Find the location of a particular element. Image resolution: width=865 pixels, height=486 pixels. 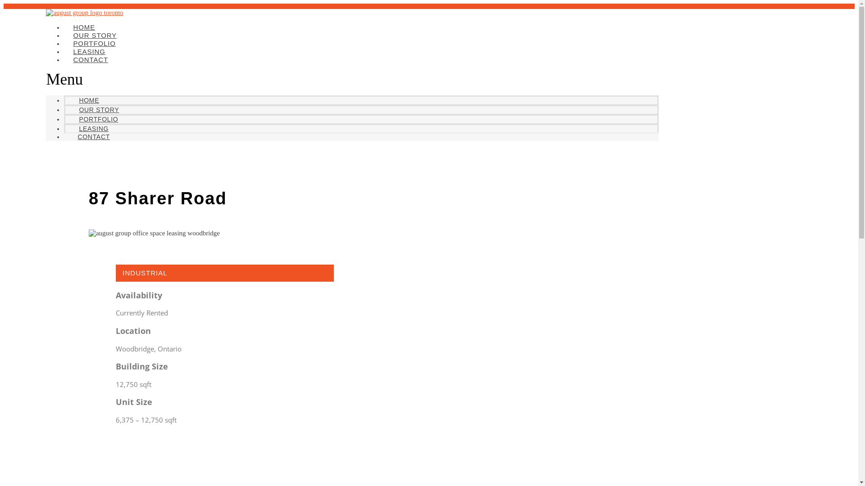

'LEASING' is located at coordinates (93, 128).